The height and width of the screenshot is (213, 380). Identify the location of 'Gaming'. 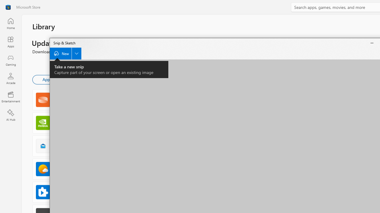
(10, 60).